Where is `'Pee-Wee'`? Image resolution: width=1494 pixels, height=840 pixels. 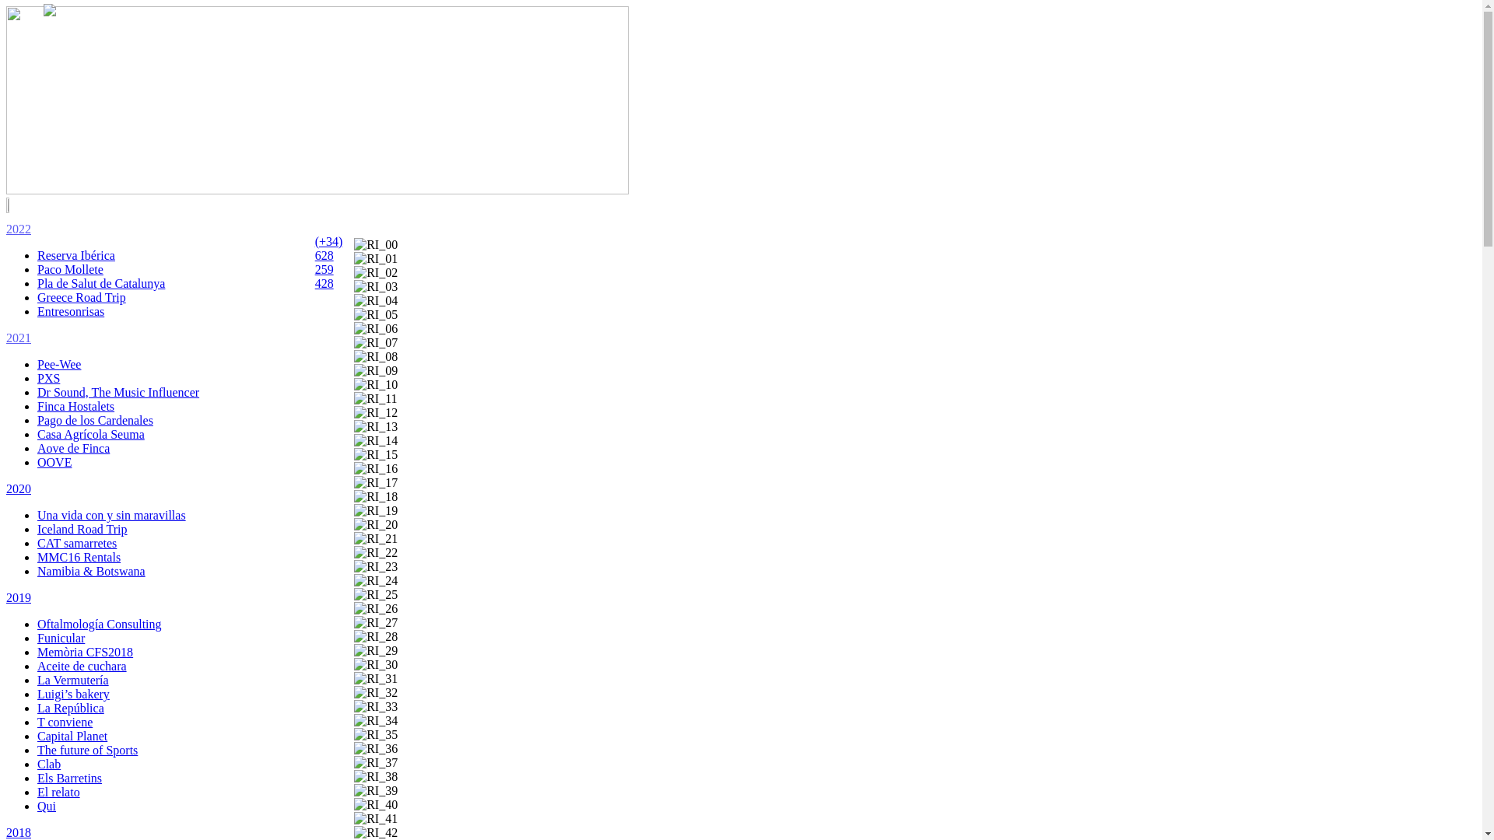
'Pee-Wee' is located at coordinates (59, 364).